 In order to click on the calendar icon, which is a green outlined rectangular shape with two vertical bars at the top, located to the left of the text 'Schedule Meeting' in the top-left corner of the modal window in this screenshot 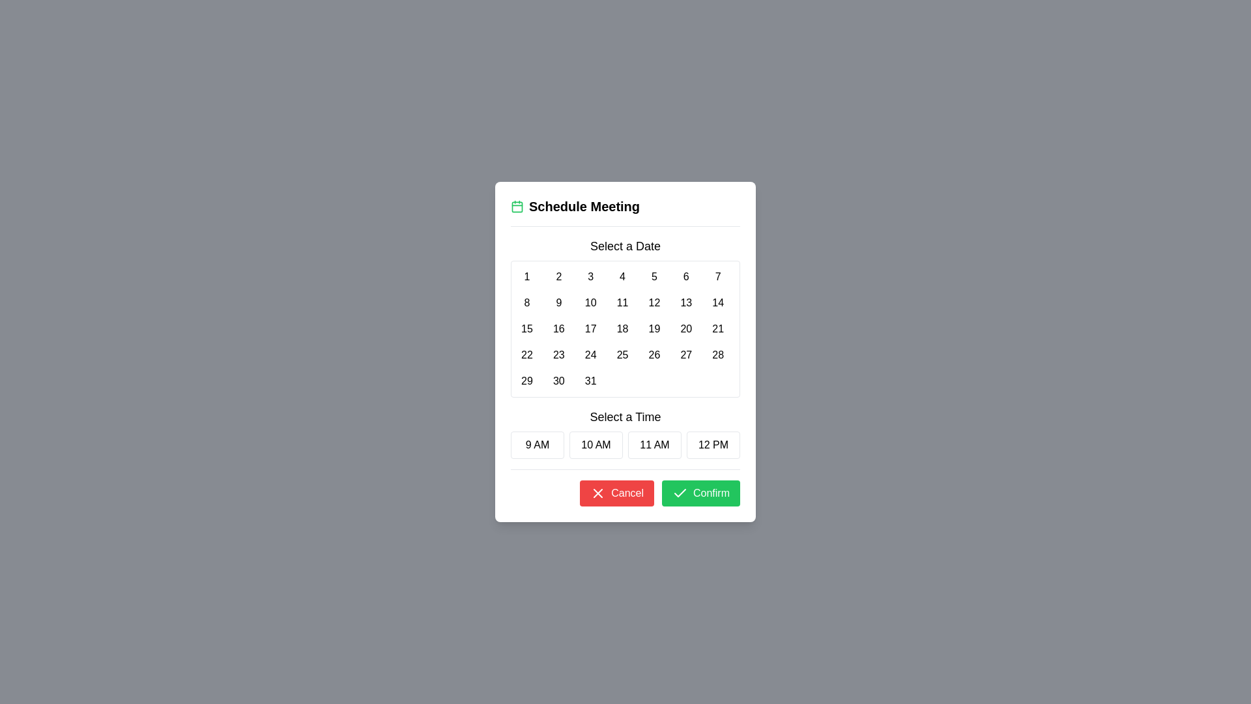, I will do `click(516, 205)`.